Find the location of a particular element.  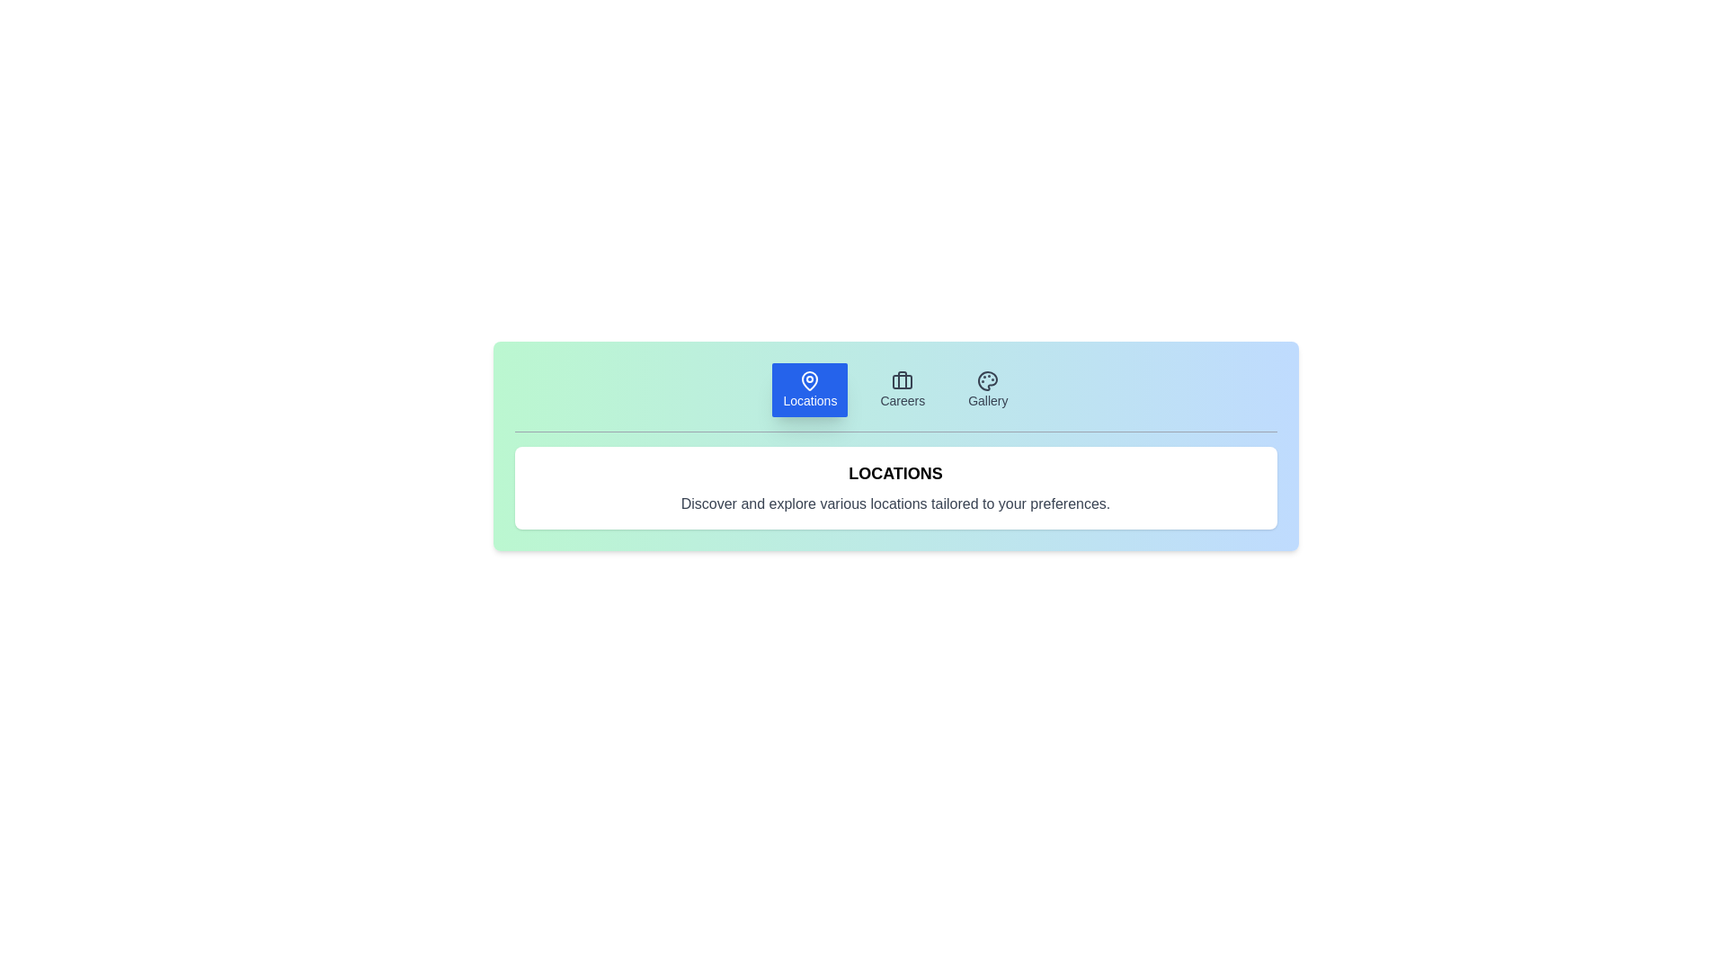

the tab labeled Gallery to inspect its content is located at coordinates (987, 389).